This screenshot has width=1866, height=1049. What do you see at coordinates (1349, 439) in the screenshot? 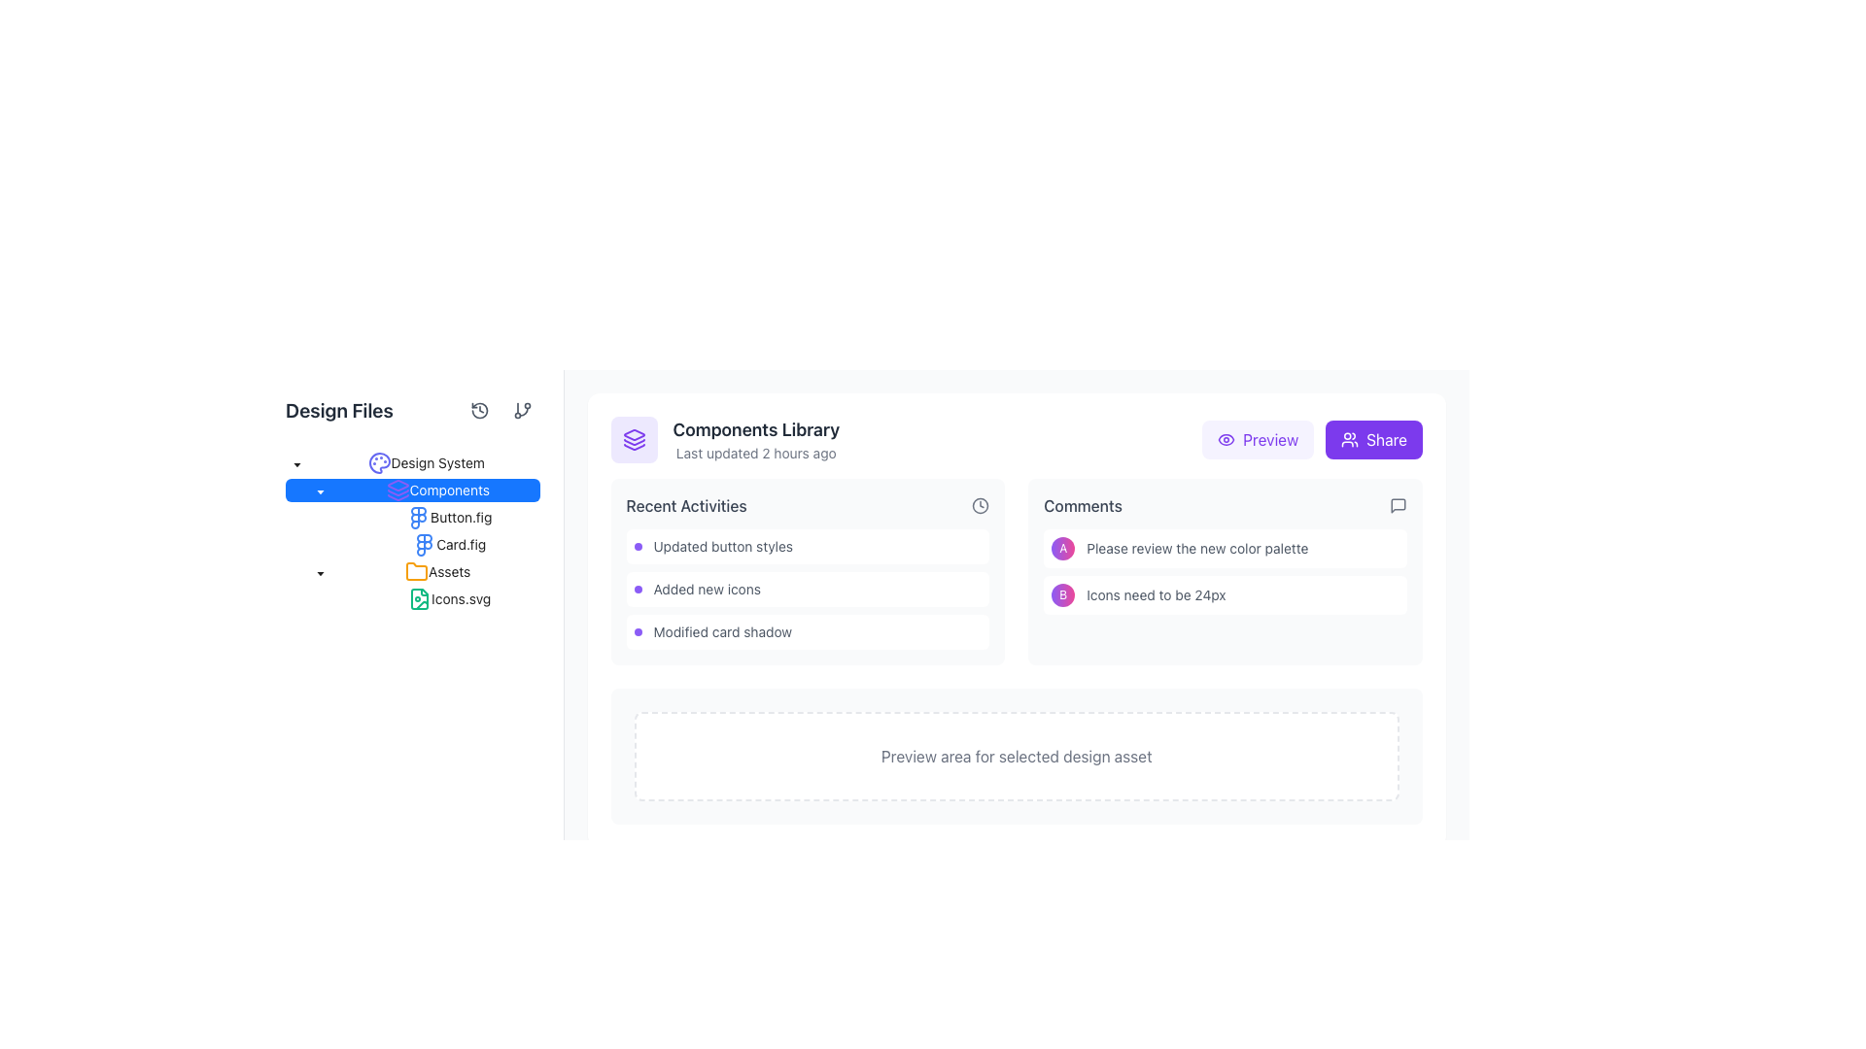
I see `the vector icon resembling two user figures with a purple background, located within the 'Share' button near the top-right of the interface` at bounding box center [1349, 439].